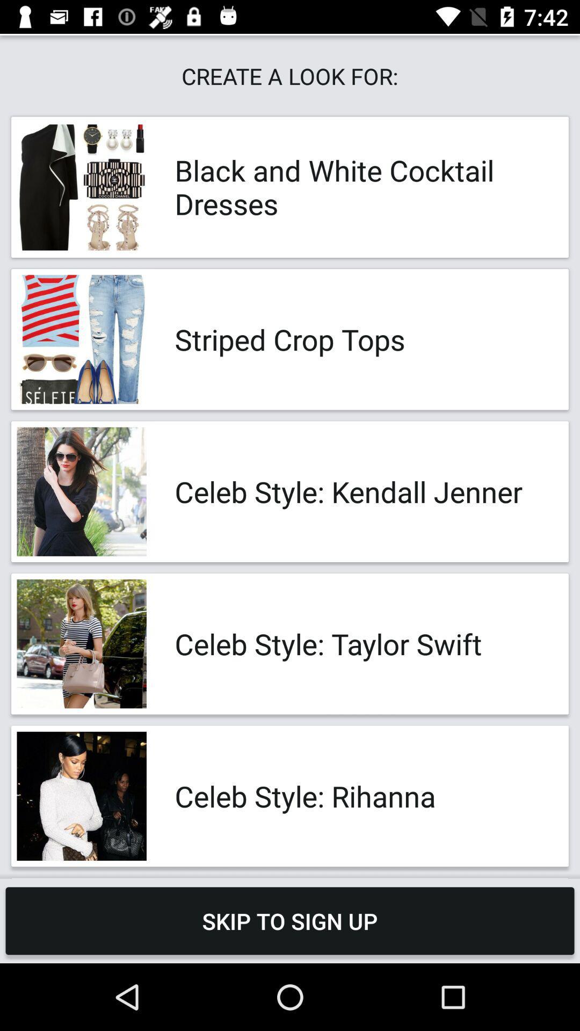 The height and width of the screenshot is (1031, 580). Describe the element at coordinates (290, 75) in the screenshot. I see `create a look app` at that location.